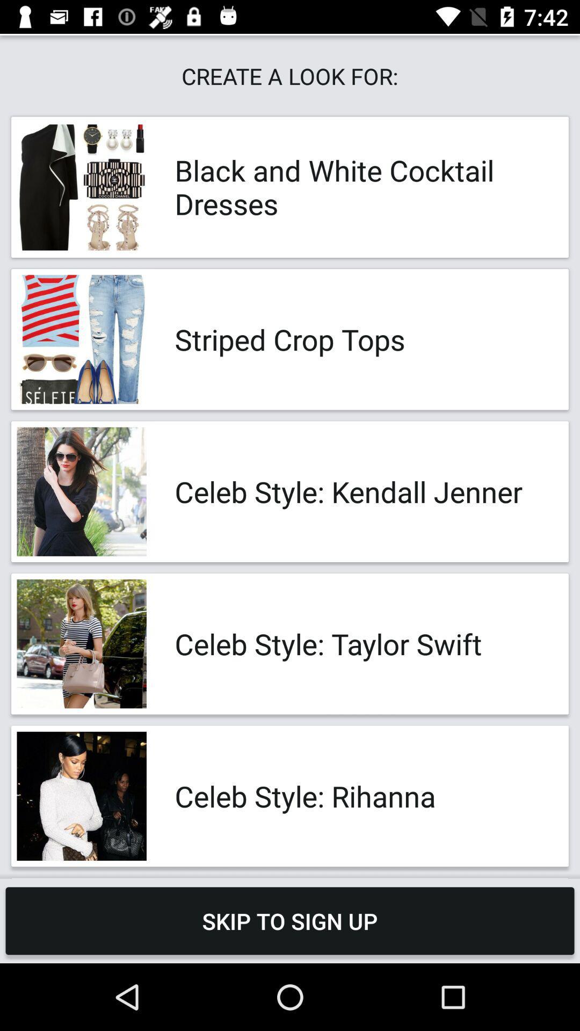 The height and width of the screenshot is (1031, 580). Describe the element at coordinates (290, 75) in the screenshot. I see `create a look app` at that location.